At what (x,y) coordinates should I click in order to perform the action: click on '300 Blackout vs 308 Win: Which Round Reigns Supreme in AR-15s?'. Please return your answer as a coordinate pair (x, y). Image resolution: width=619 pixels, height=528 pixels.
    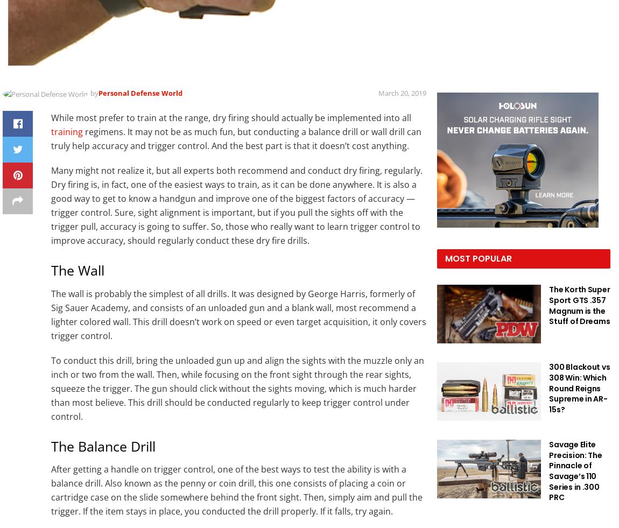
    Looking at the image, I should click on (579, 388).